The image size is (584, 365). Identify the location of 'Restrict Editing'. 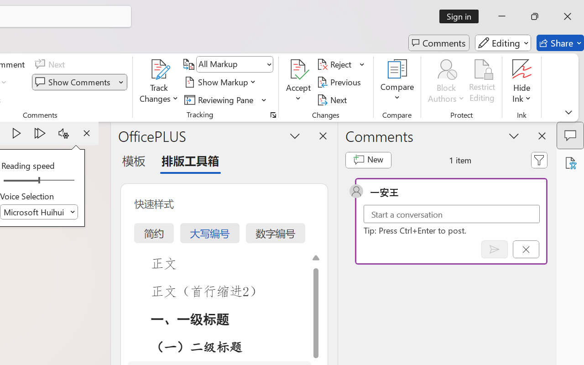
(482, 82).